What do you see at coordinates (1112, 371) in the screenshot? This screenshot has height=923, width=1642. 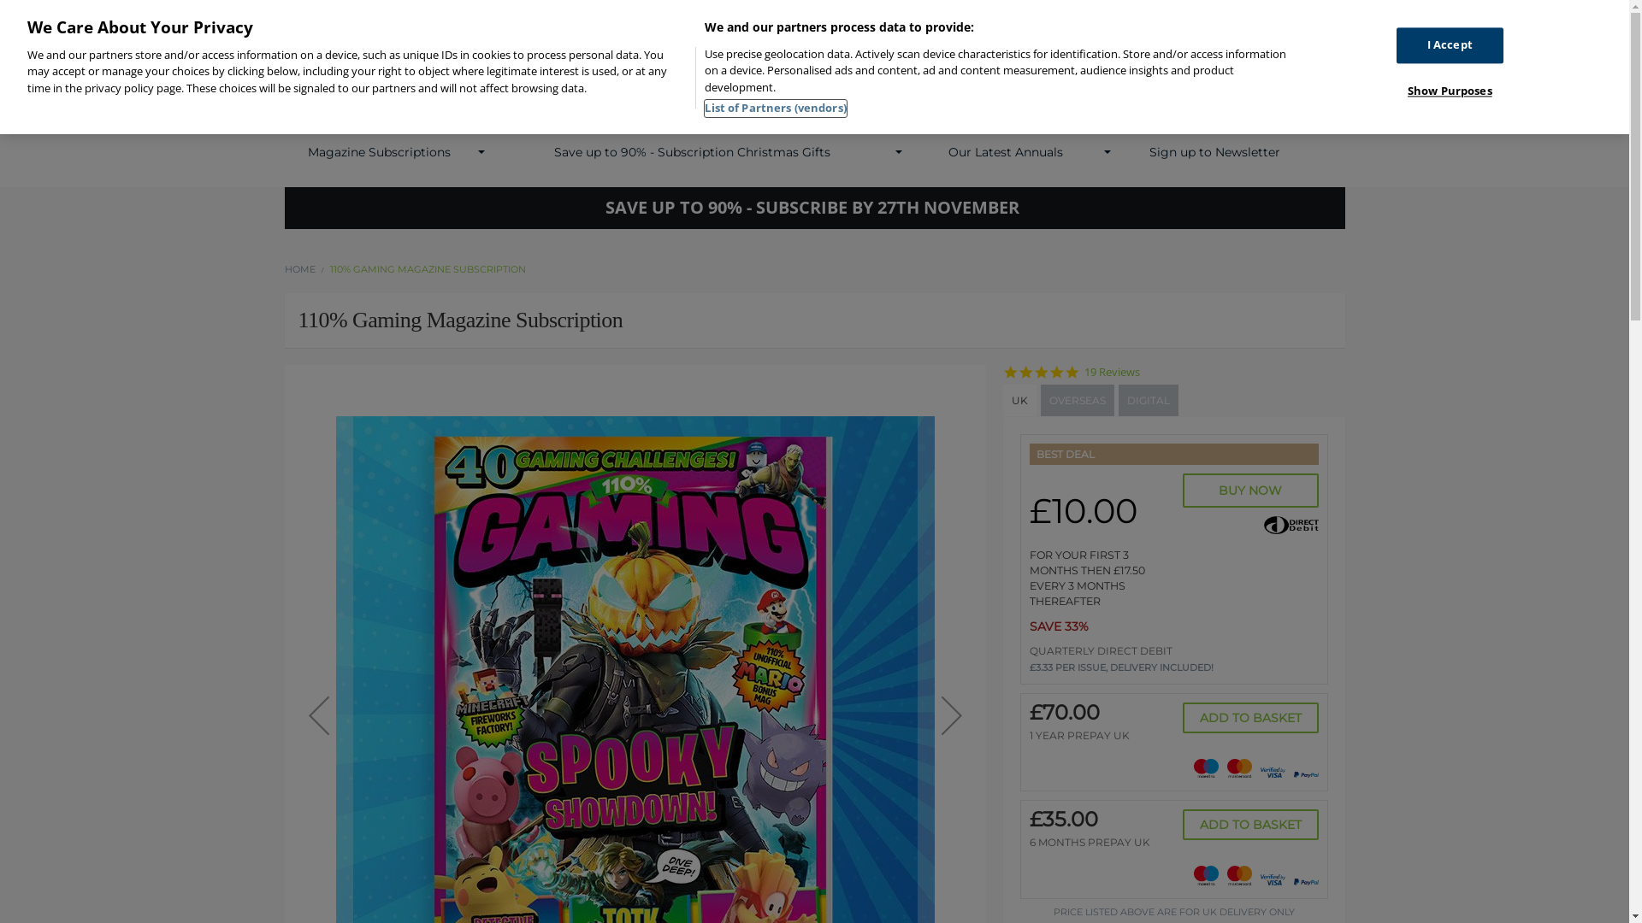 I see `'19 Reviews'` at bounding box center [1112, 371].